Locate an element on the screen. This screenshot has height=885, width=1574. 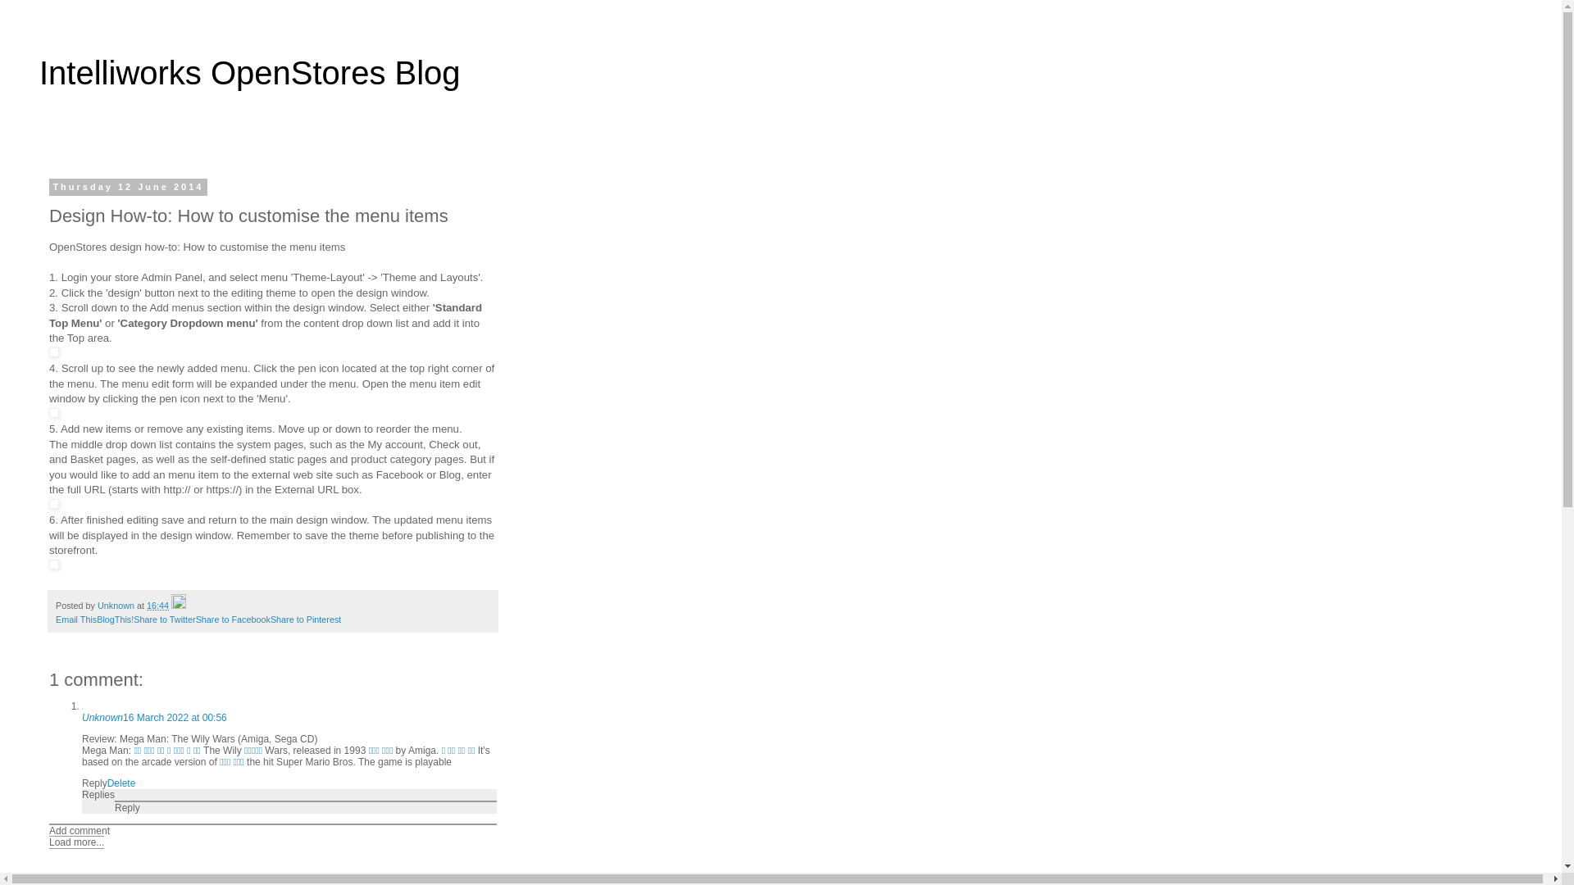
'Email This' is located at coordinates (55, 619).